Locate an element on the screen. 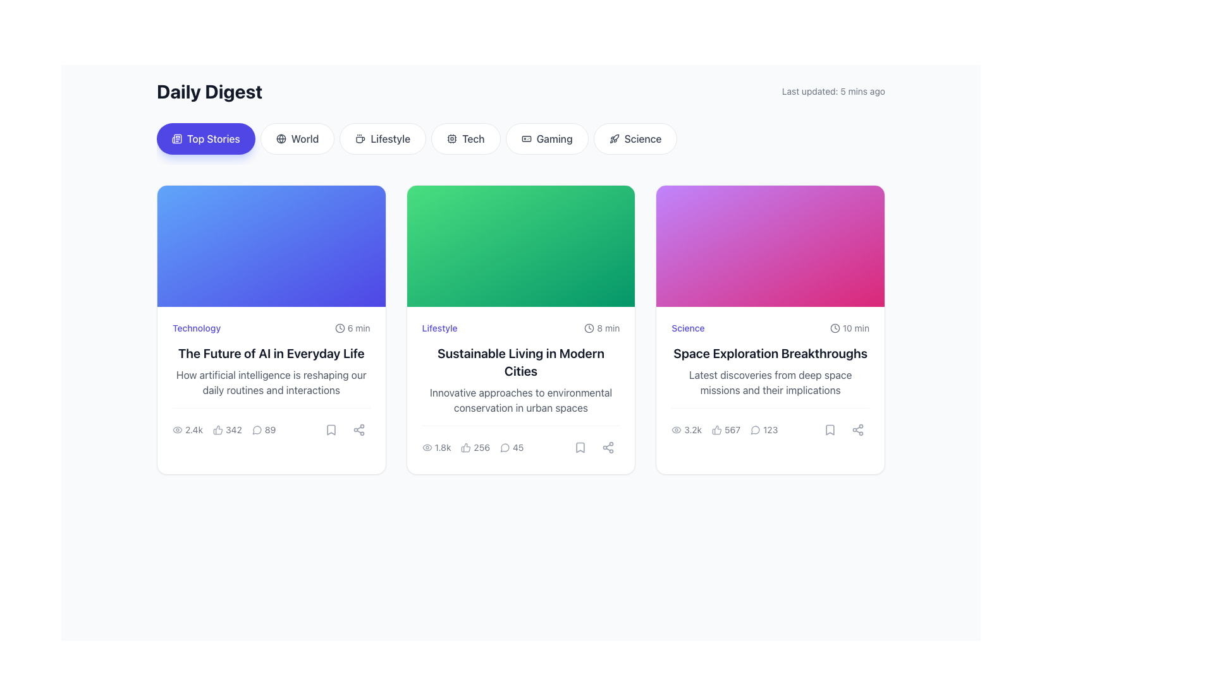 The width and height of the screenshot is (1214, 682). the visual indicator of the view count located at the bottom section of the third card in a horizontally aligned triplet of cards is located at coordinates (685, 429).